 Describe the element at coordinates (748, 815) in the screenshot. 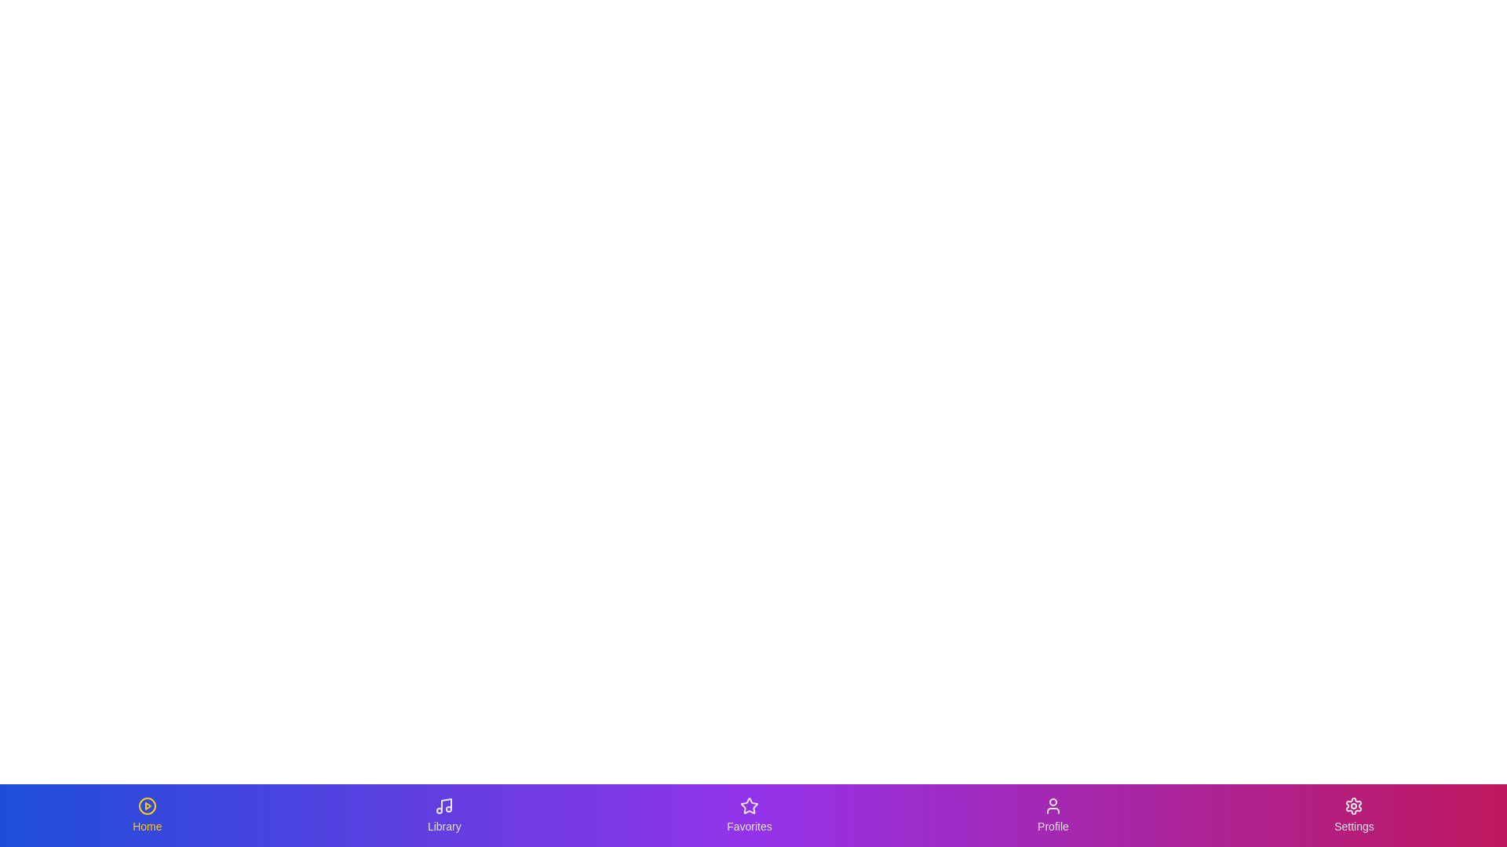

I see `the tab labeled Favorites to observe its animation` at that location.